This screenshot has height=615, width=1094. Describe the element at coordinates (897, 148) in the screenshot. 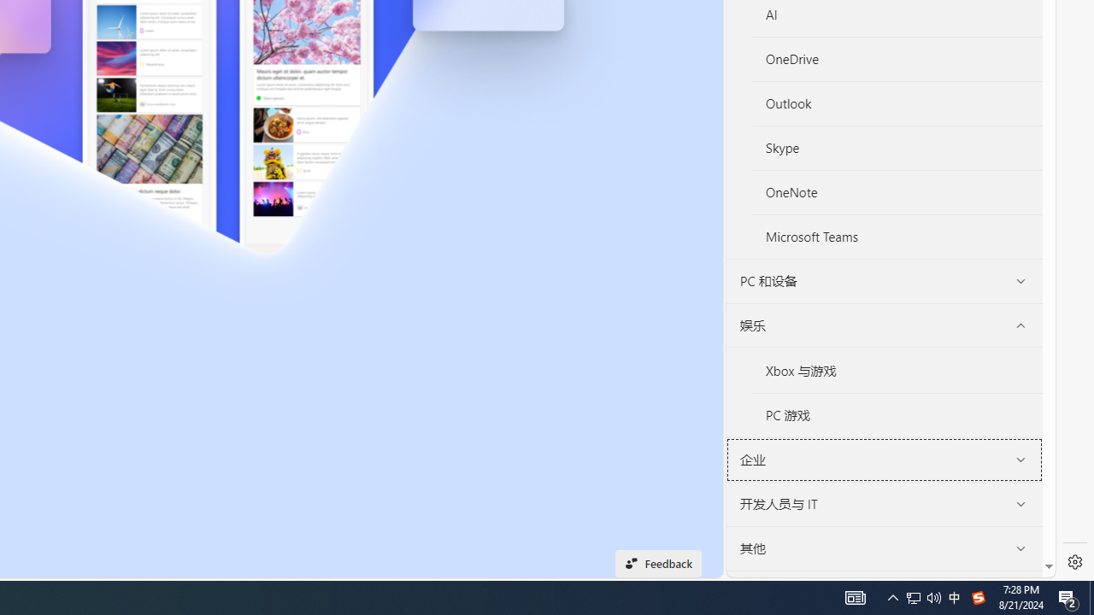

I see `'Skype'` at that location.